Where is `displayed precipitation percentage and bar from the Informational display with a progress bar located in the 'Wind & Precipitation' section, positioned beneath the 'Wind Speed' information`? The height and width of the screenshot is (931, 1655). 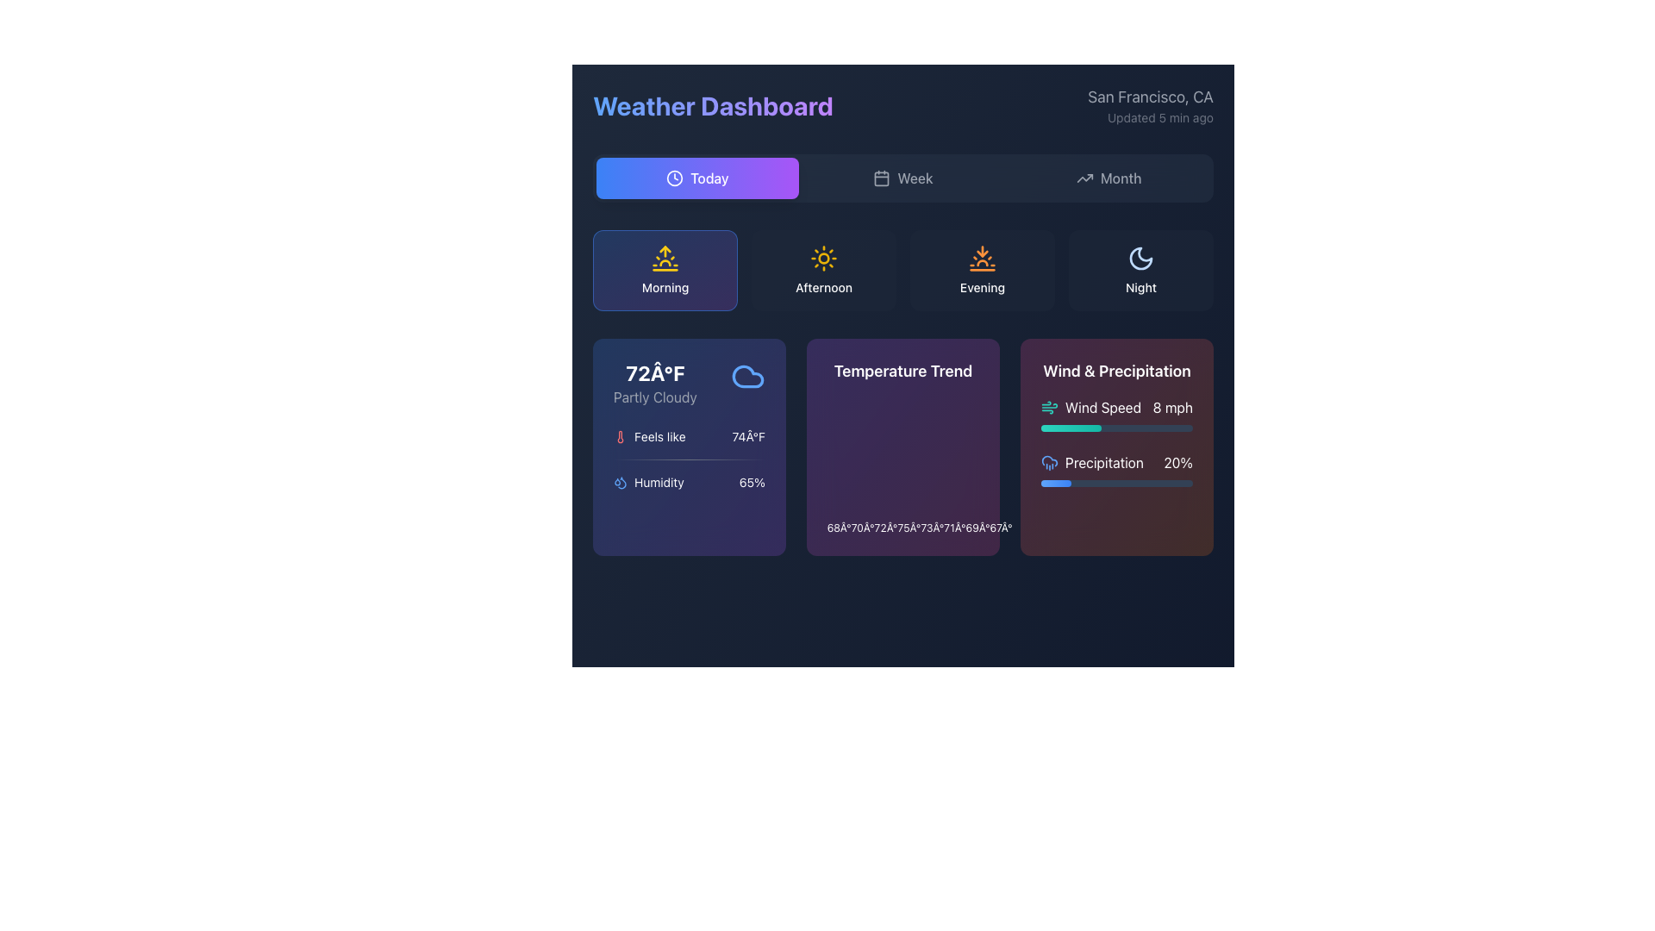
displayed precipitation percentage and bar from the Informational display with a progress bar located in the 'Wind & Precipitation' section, positioned beneath the 'Wind Speed' information is located at coordinates (1117, 469).